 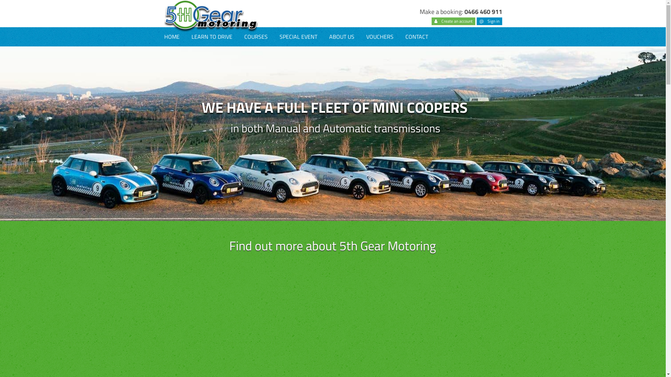 I want to click on 'SPECIAL EVENT', so click(x=273, y=37).